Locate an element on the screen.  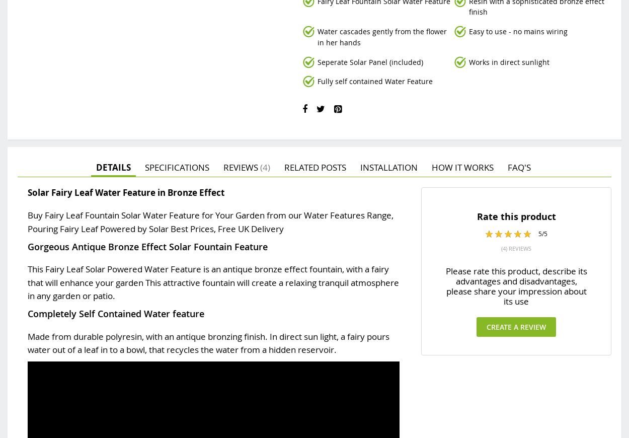
'Please rate this product, describe its advantages and disadvantages, please share your impression about its use' is located at coordinates (445, 285).